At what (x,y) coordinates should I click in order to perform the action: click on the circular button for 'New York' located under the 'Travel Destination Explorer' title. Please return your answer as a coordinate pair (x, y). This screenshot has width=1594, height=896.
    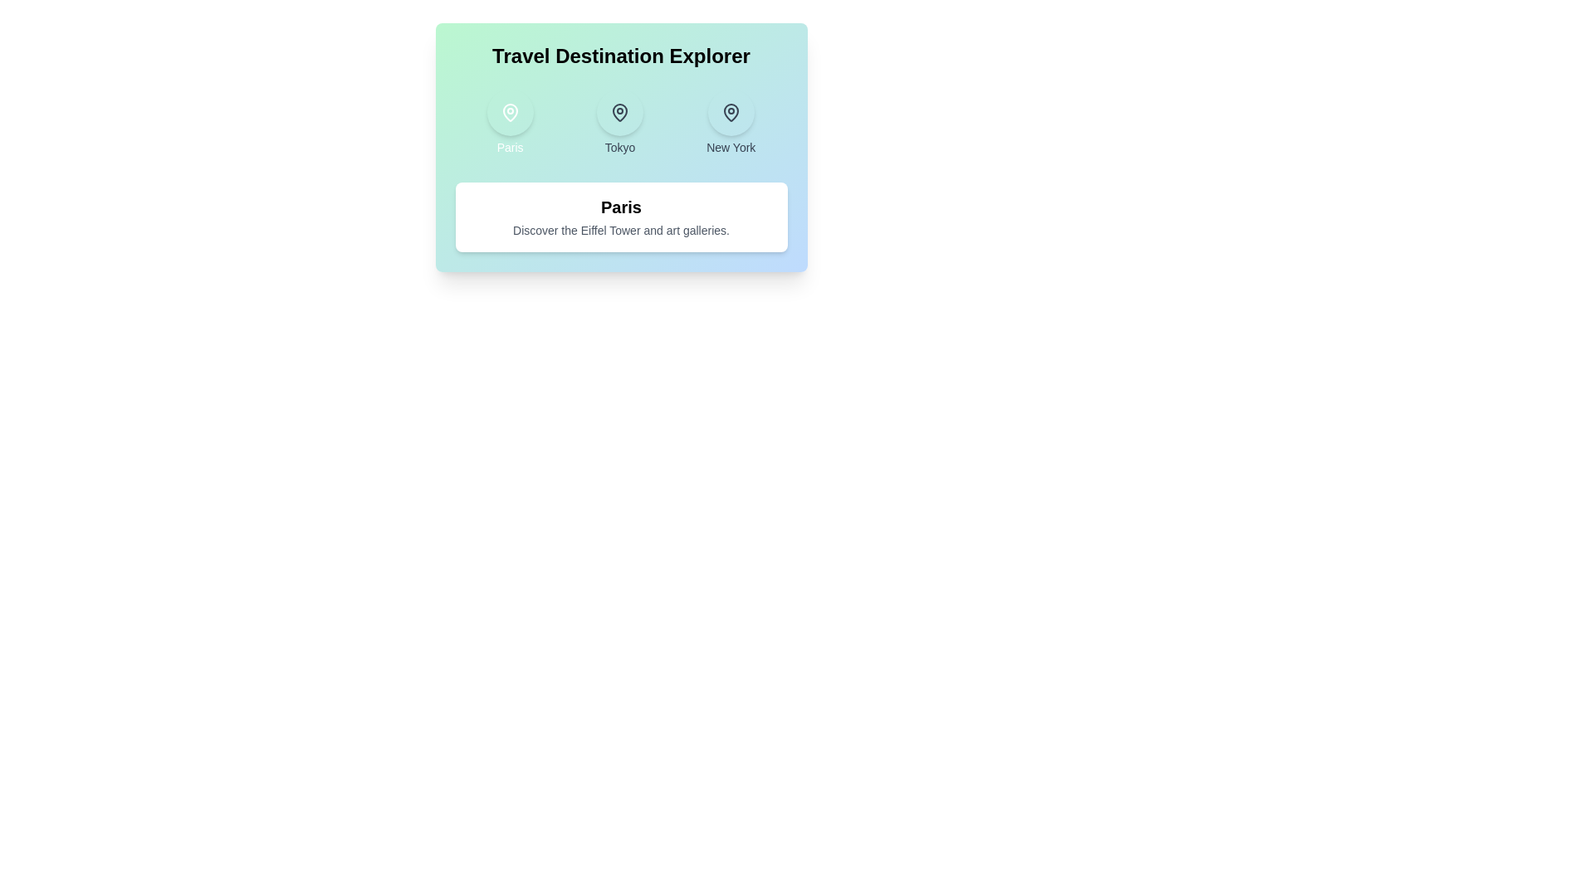
    Looking at the image, I should click on (731, 112).